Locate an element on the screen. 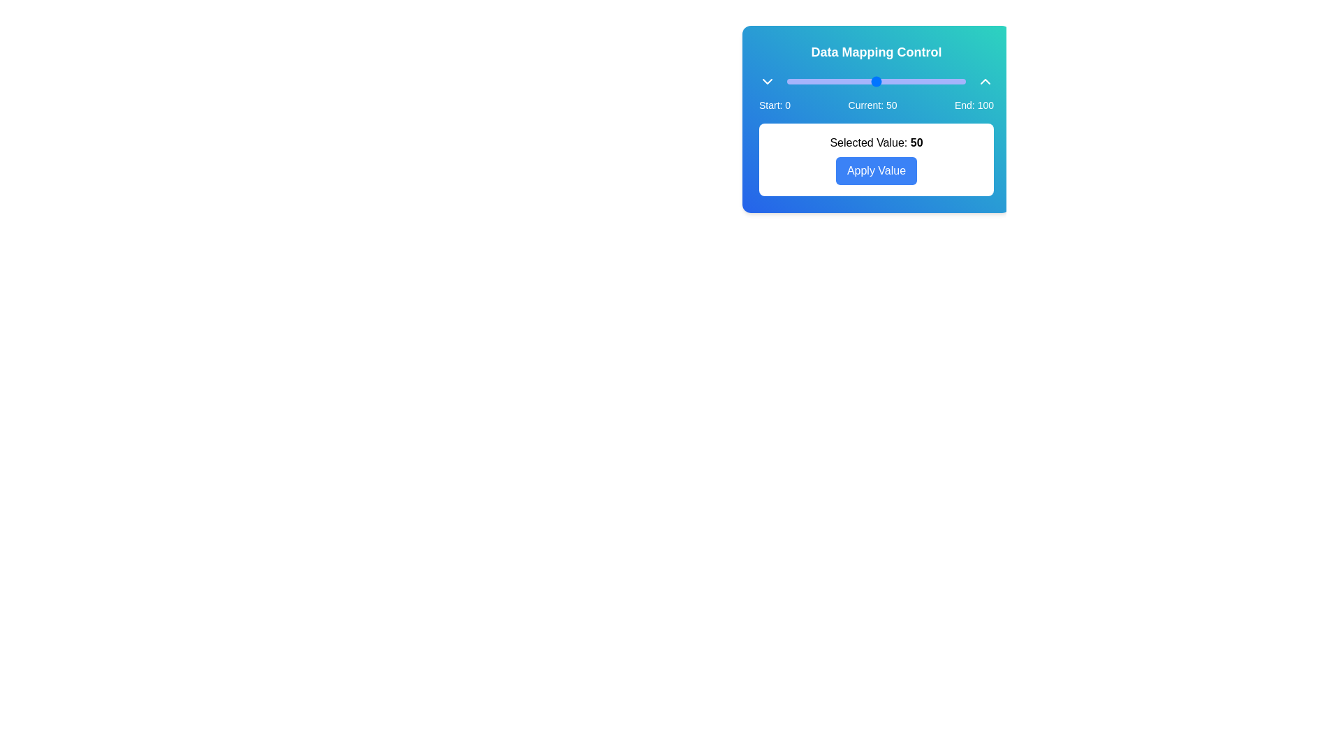 Image resolution: width=1341 pixels, height=754 pixels. the 'Apply Value' button at the bottom of the Data Mapping Control widget to confirm the selection is located at coordinates (875, 118).